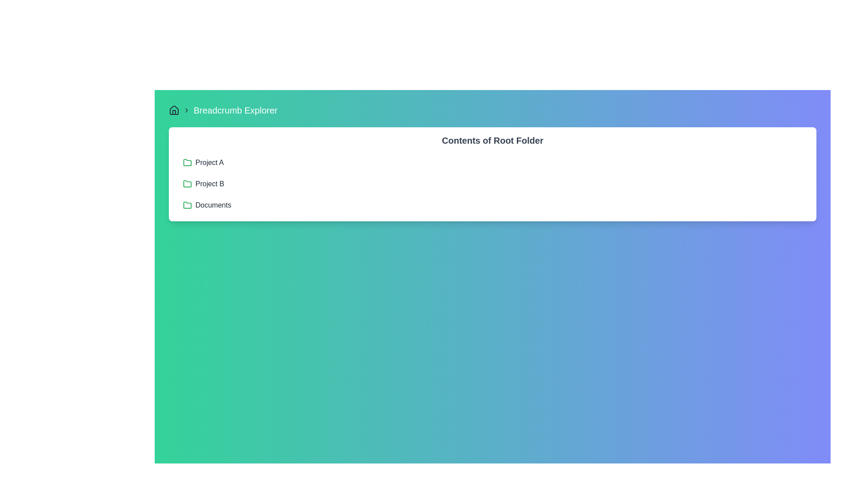 This screenshot has height=479, width=851. What do you see at coordinates (187, 205) in the screenshot?
I see `the green folder icon representing 'Documents', which is the third item in the vertical list of folder icons located in the white card interface` at bounding box center [187, 205].